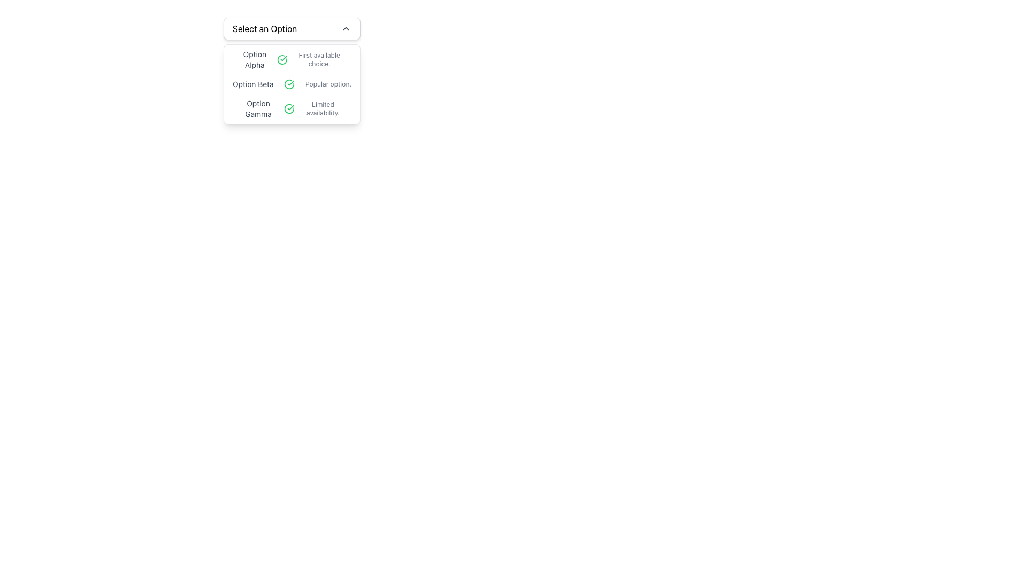  Describe the element at coordinates (323, 109) in the screenshot. I see `text content of the availability status for the 'Option Gamma' item, which is displayed in the text label located at the bottom of the drop-down menu under 'Option Gamma'` at that location.